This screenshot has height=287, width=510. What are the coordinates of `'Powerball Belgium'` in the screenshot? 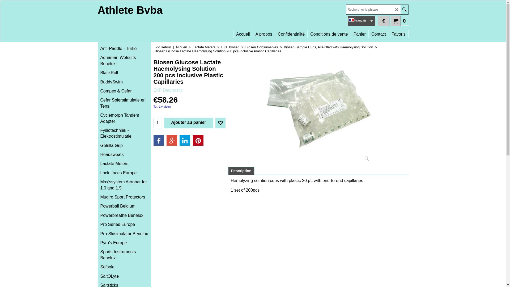 It's located at (98, 206).